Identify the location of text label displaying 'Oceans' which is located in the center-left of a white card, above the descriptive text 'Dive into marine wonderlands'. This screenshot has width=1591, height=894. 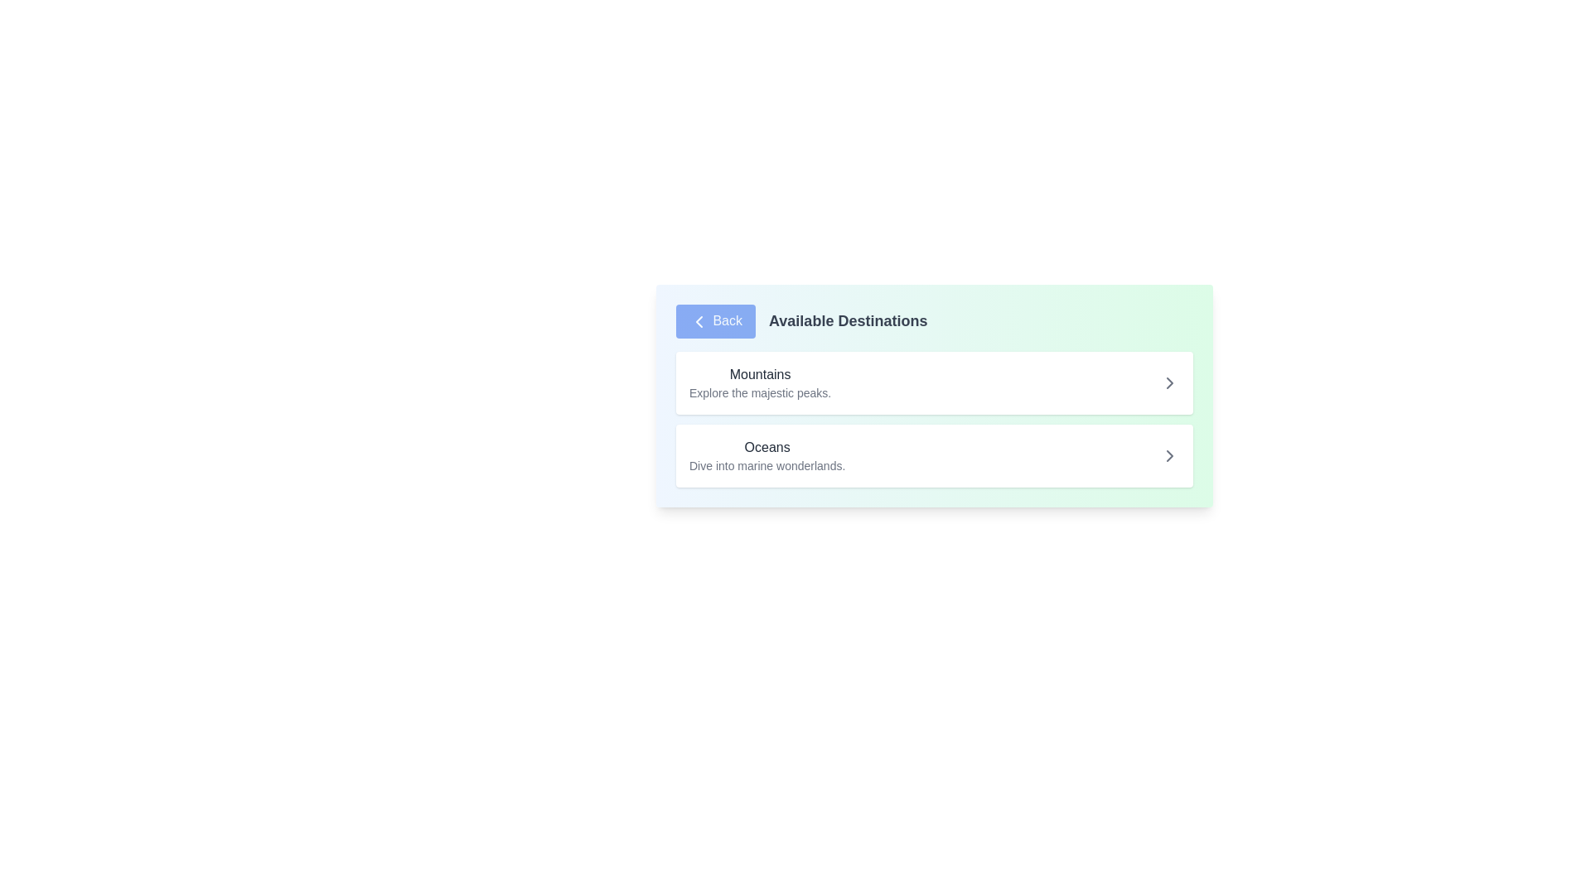
(766, 447).